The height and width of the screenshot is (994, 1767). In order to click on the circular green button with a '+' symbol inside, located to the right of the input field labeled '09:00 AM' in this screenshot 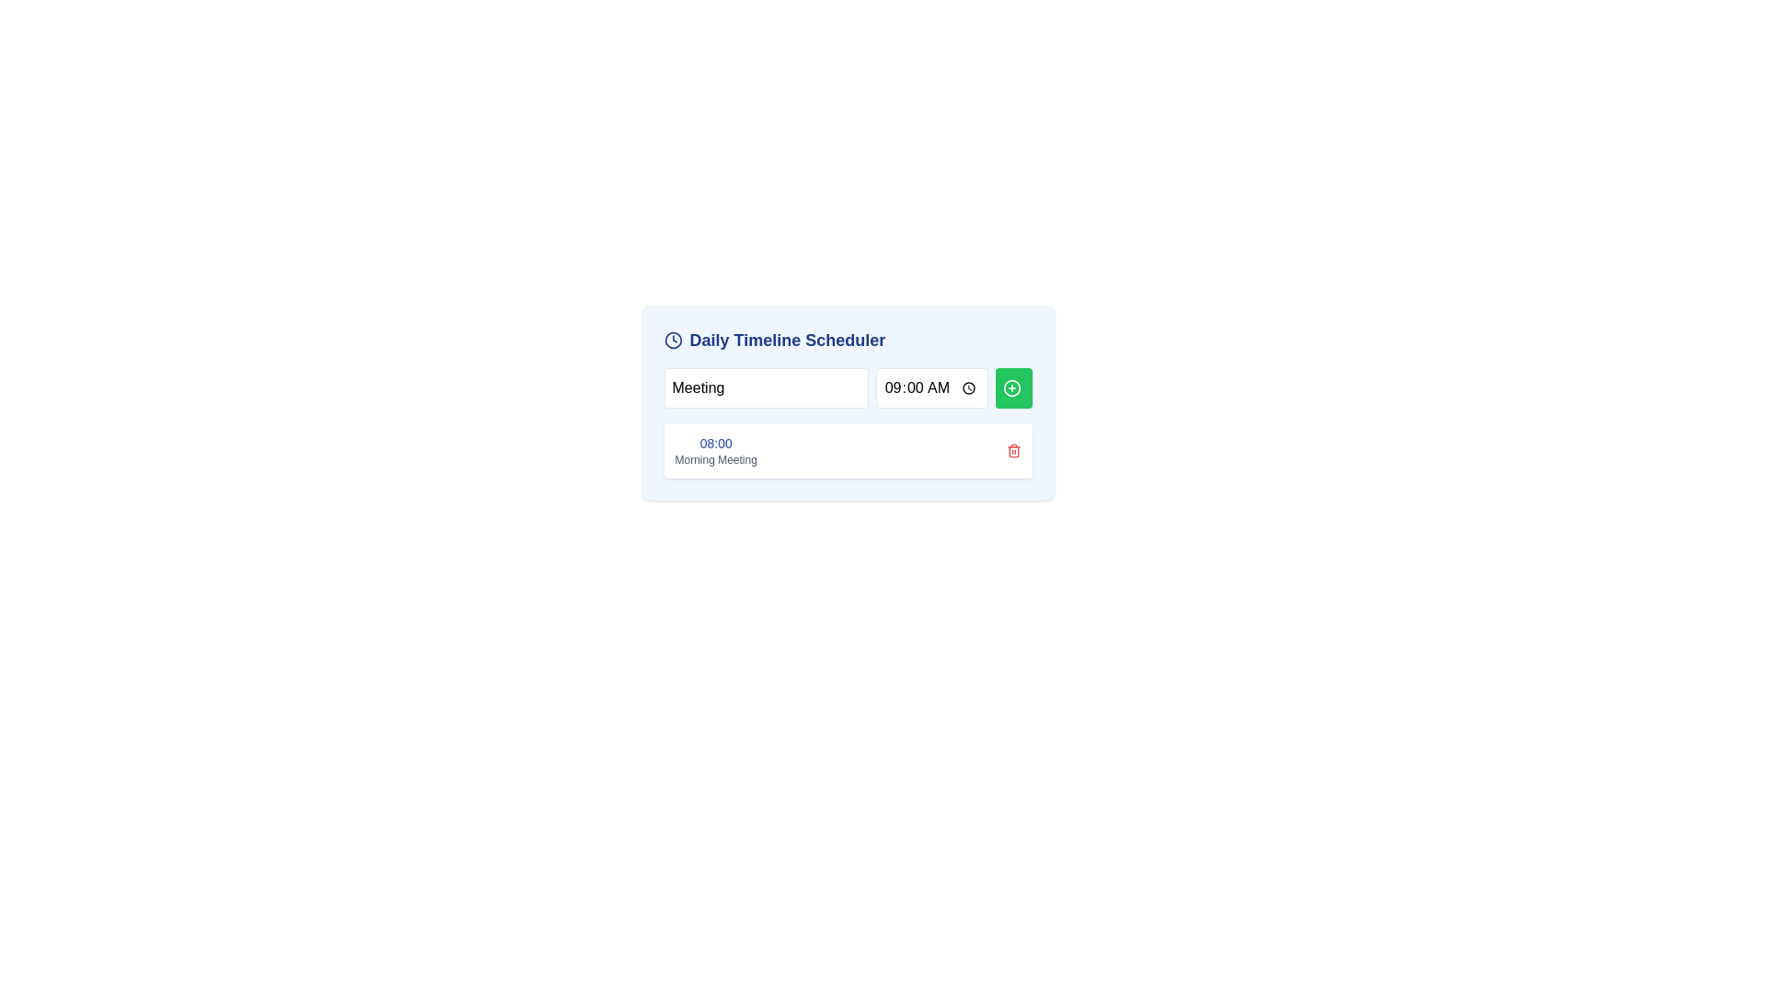, I will do `click(1011, 387)`.